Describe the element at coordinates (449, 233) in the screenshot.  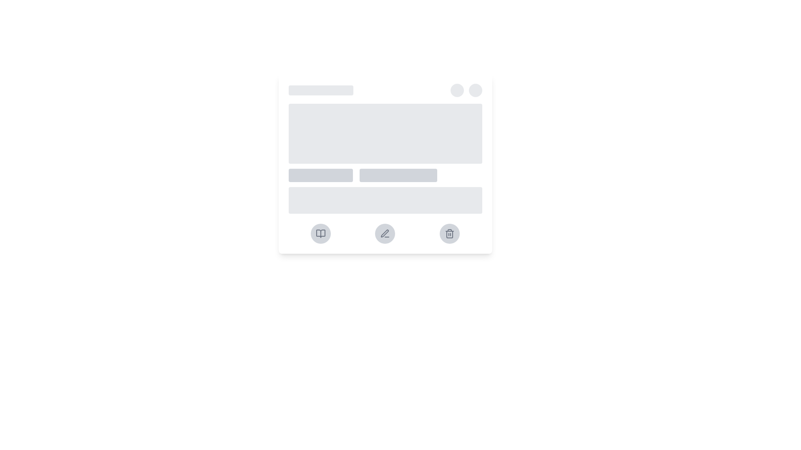
I see `the delete button located at the far right among three circular buttons at the bottom of the interface` at that location.